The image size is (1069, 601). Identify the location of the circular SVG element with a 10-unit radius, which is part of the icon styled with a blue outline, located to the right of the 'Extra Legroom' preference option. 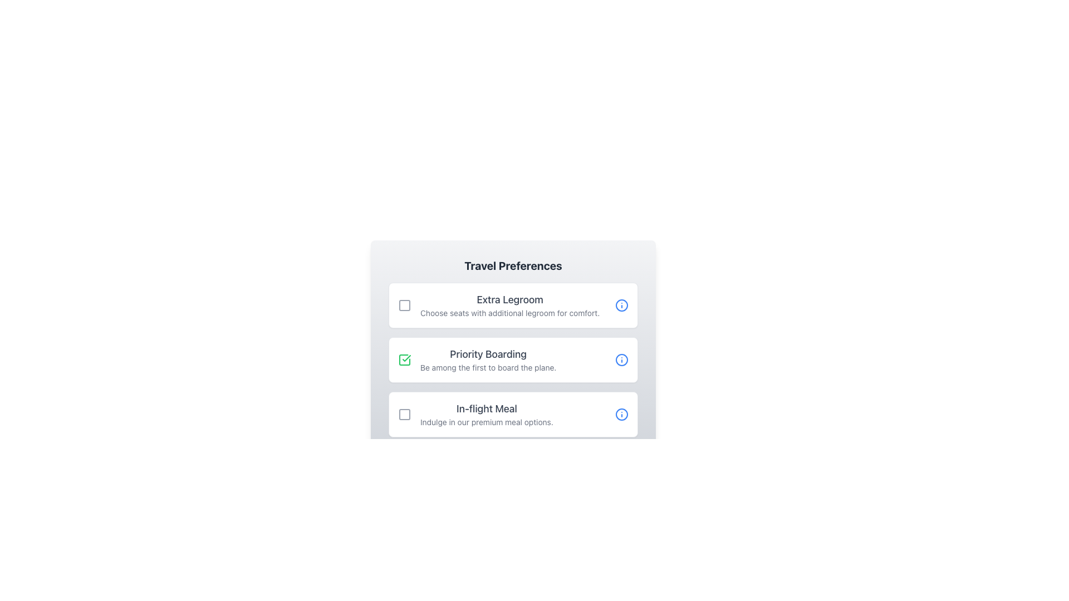
(621, 305).